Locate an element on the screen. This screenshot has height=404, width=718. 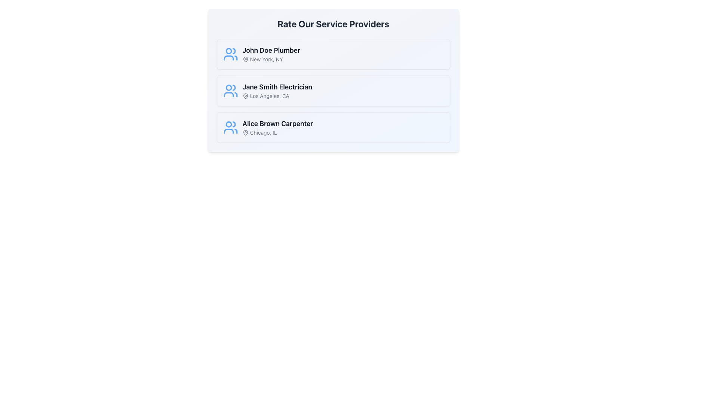
details presented in the Card element that displays information about 'Alice Brown Carpenter', including her name and location 'Chicago, IL'. This Card is the third in a stacked list of three cards is located at coordinates (333, 127).